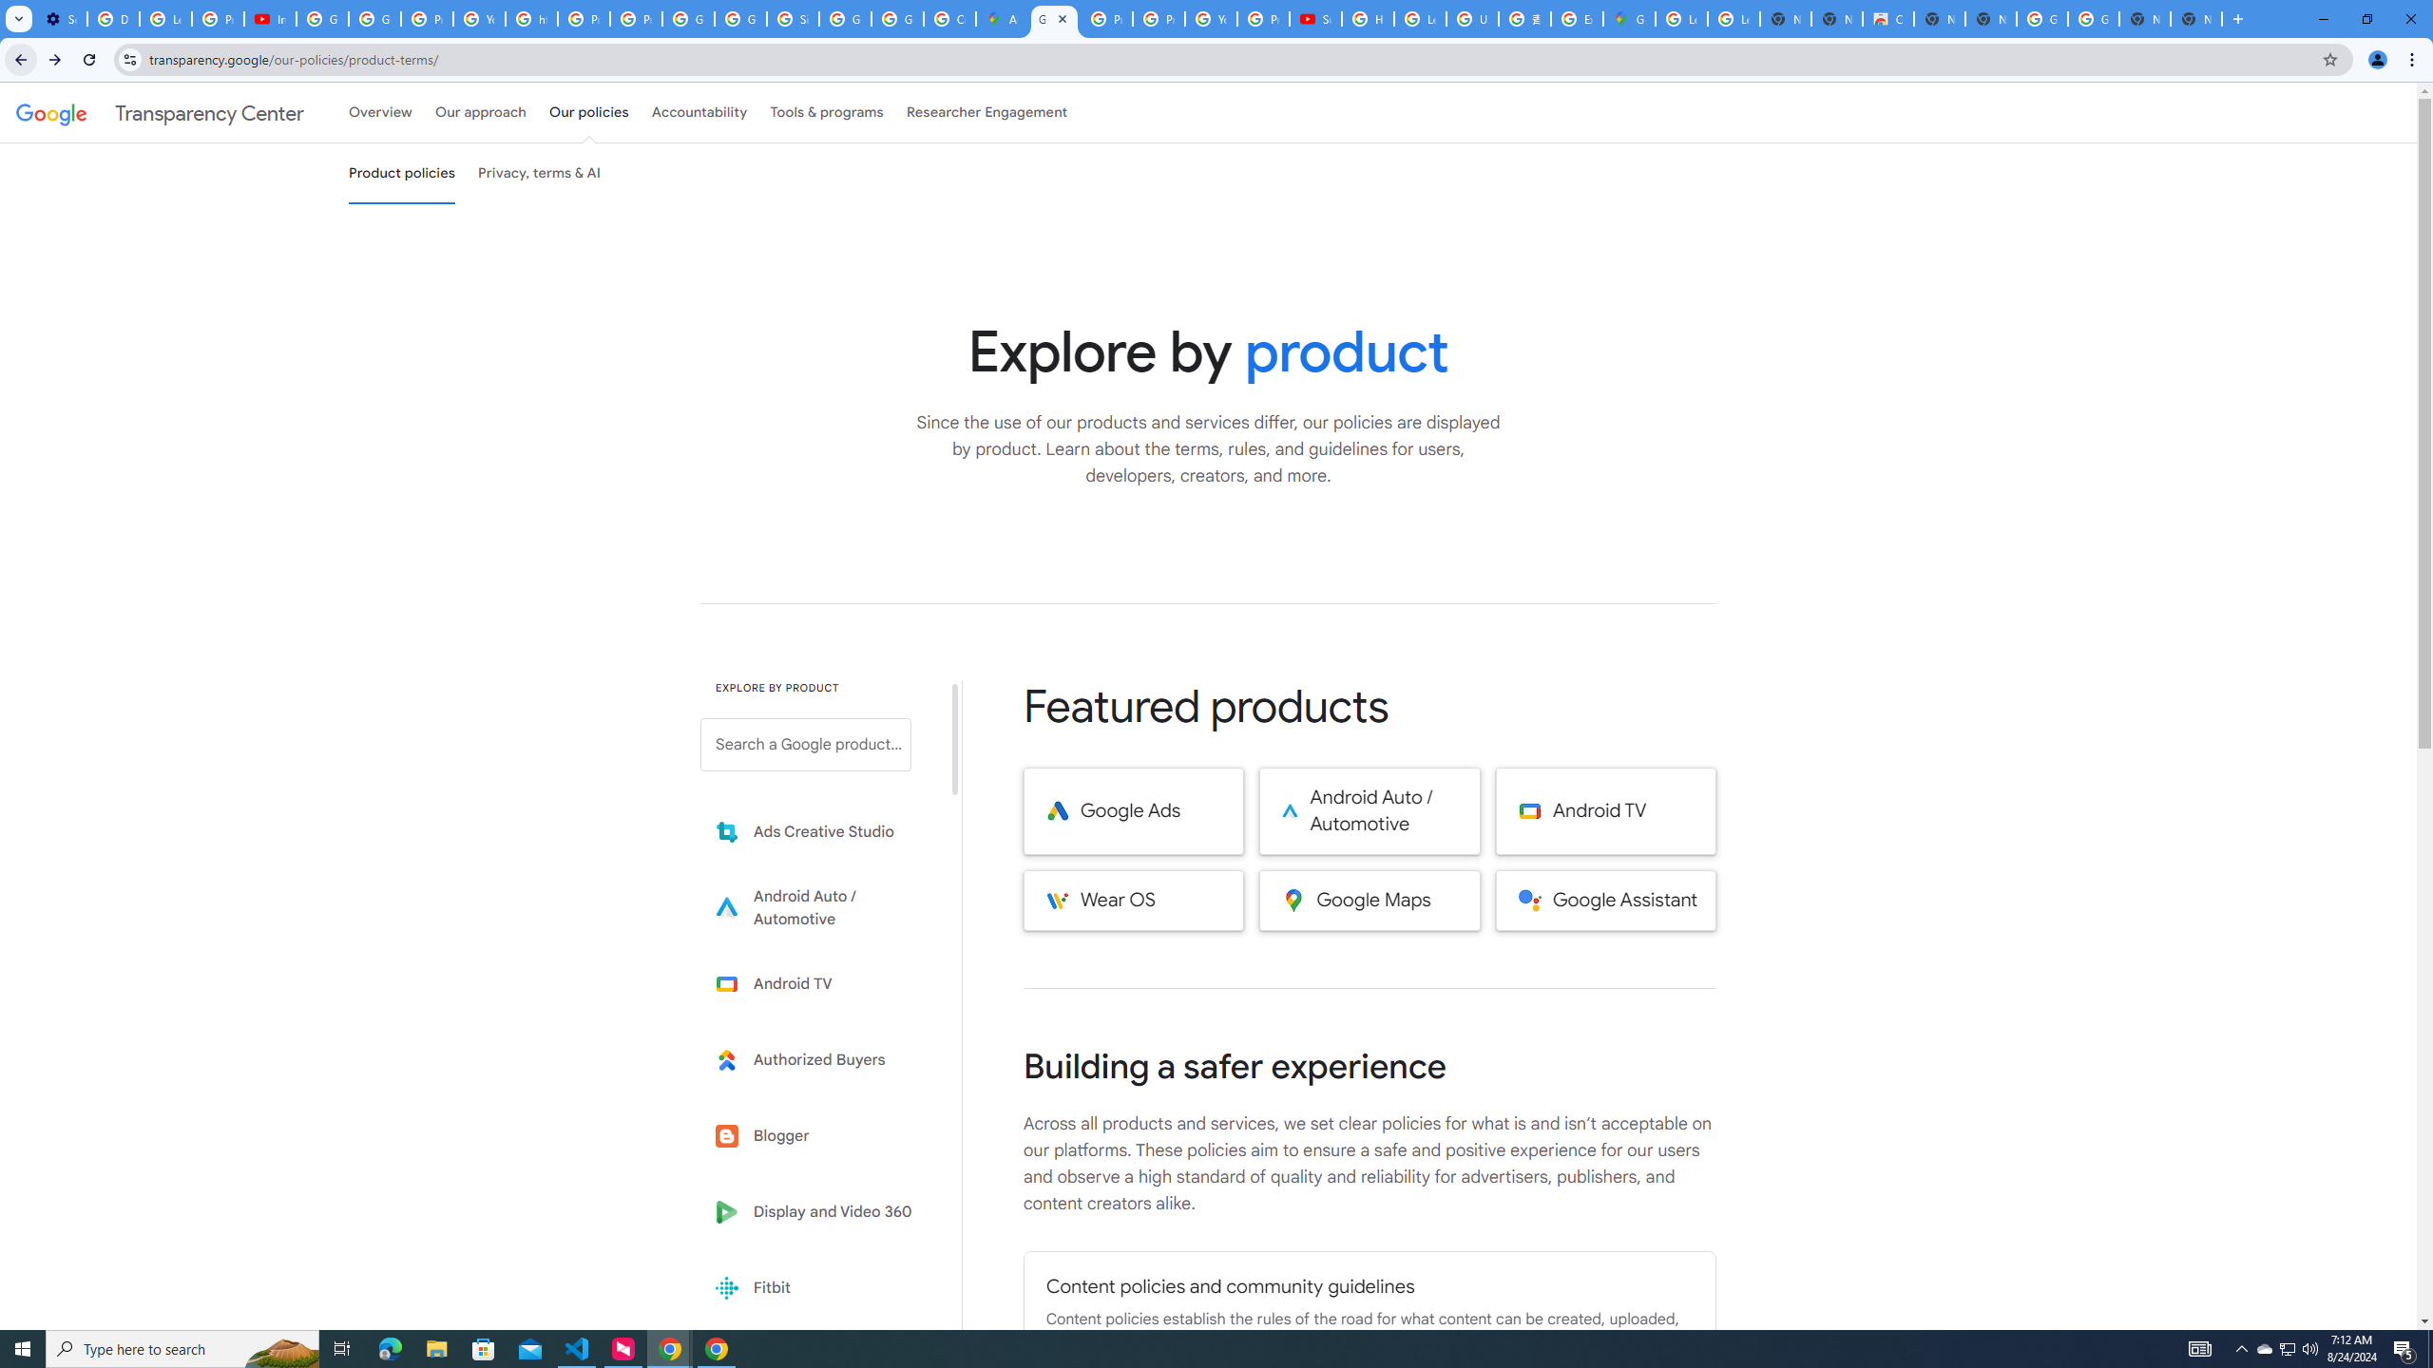 This screenshot has width=2433, height=1368. Describe the element at coordinates (1210, 18) in the screenshot. I see `'YouTube'` at that location.